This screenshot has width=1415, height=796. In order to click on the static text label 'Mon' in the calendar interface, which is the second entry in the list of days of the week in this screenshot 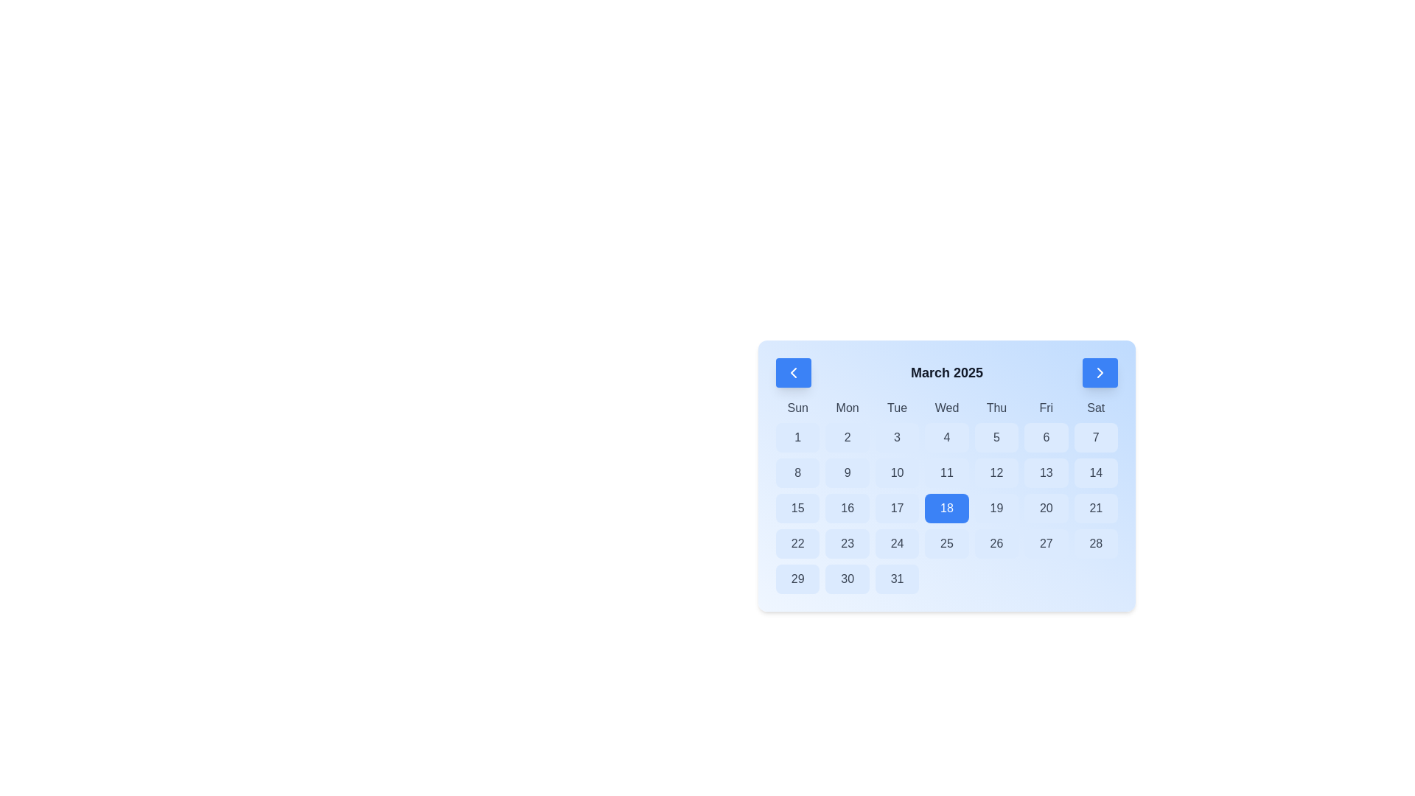, I will do `click(848, 408)`.